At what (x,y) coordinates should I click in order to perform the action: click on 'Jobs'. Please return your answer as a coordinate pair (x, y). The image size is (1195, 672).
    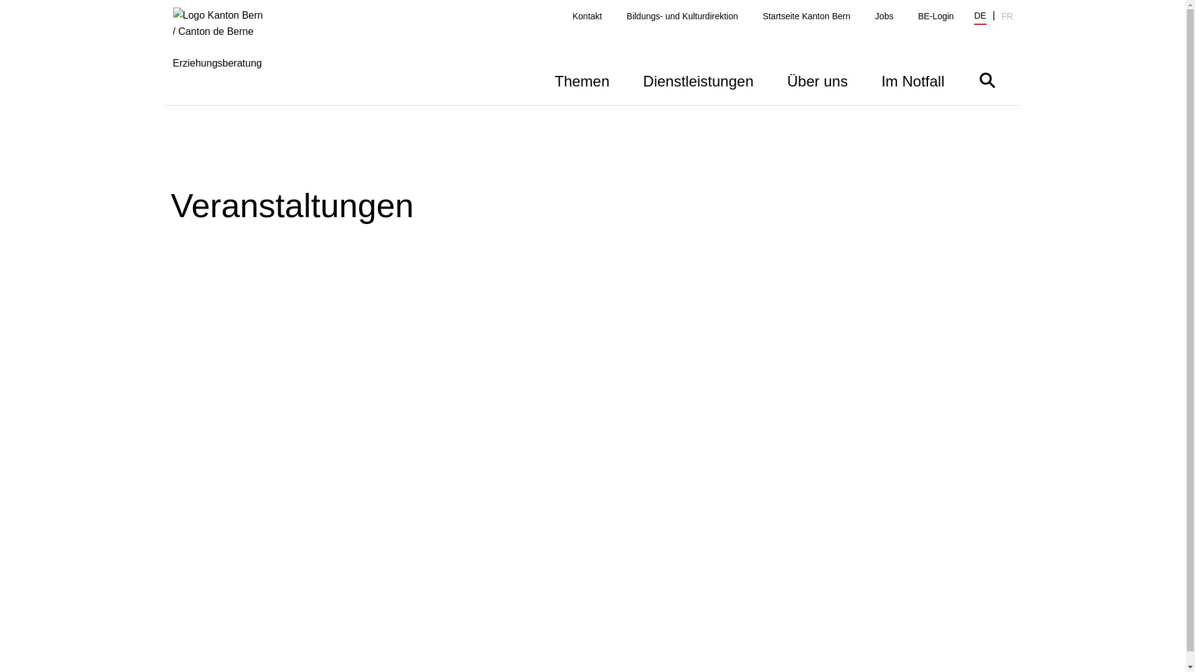
    Looking at the image, I should click on (874, 16).